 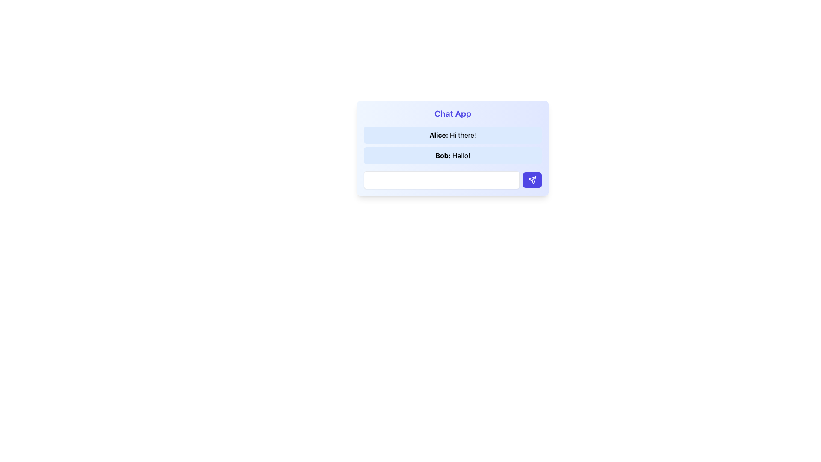 I want to click on the static text identifying the sender of the message in the chat interface, which is positioned at the beginning of the message bubble displaying 'Hello!', so click(x=444, y=155).